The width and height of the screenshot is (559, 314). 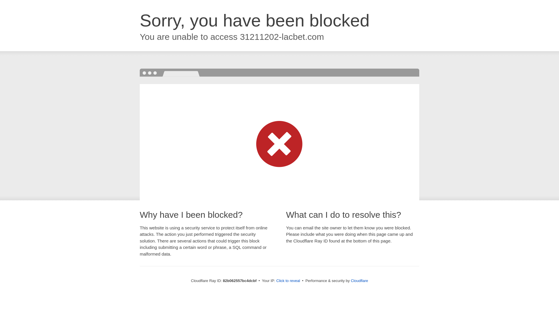 What do you see at coordinates (359, 280) in the screenshot?
I see `'Cloudflare'` at bounding box center [359, 280].